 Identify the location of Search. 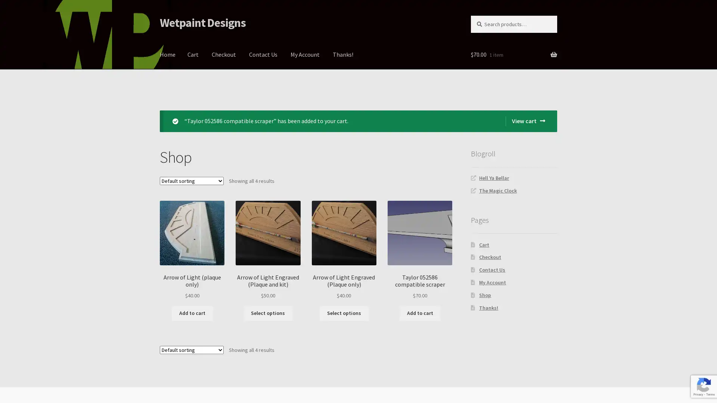
(470, 15).